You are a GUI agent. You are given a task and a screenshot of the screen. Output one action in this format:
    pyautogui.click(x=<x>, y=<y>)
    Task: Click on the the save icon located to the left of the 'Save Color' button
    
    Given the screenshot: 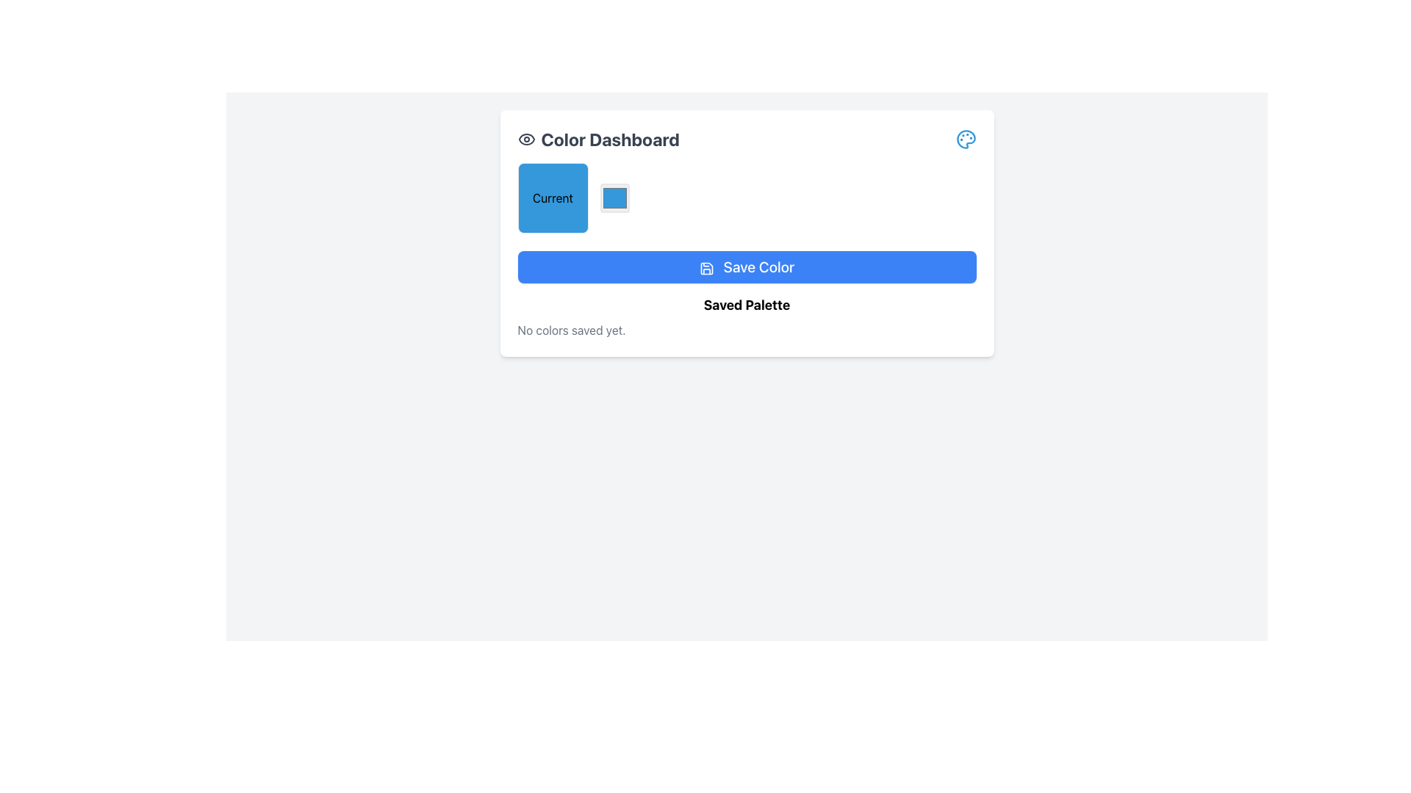 What is the action you would take?
    pyautogui.click(x=706, y=268)
    